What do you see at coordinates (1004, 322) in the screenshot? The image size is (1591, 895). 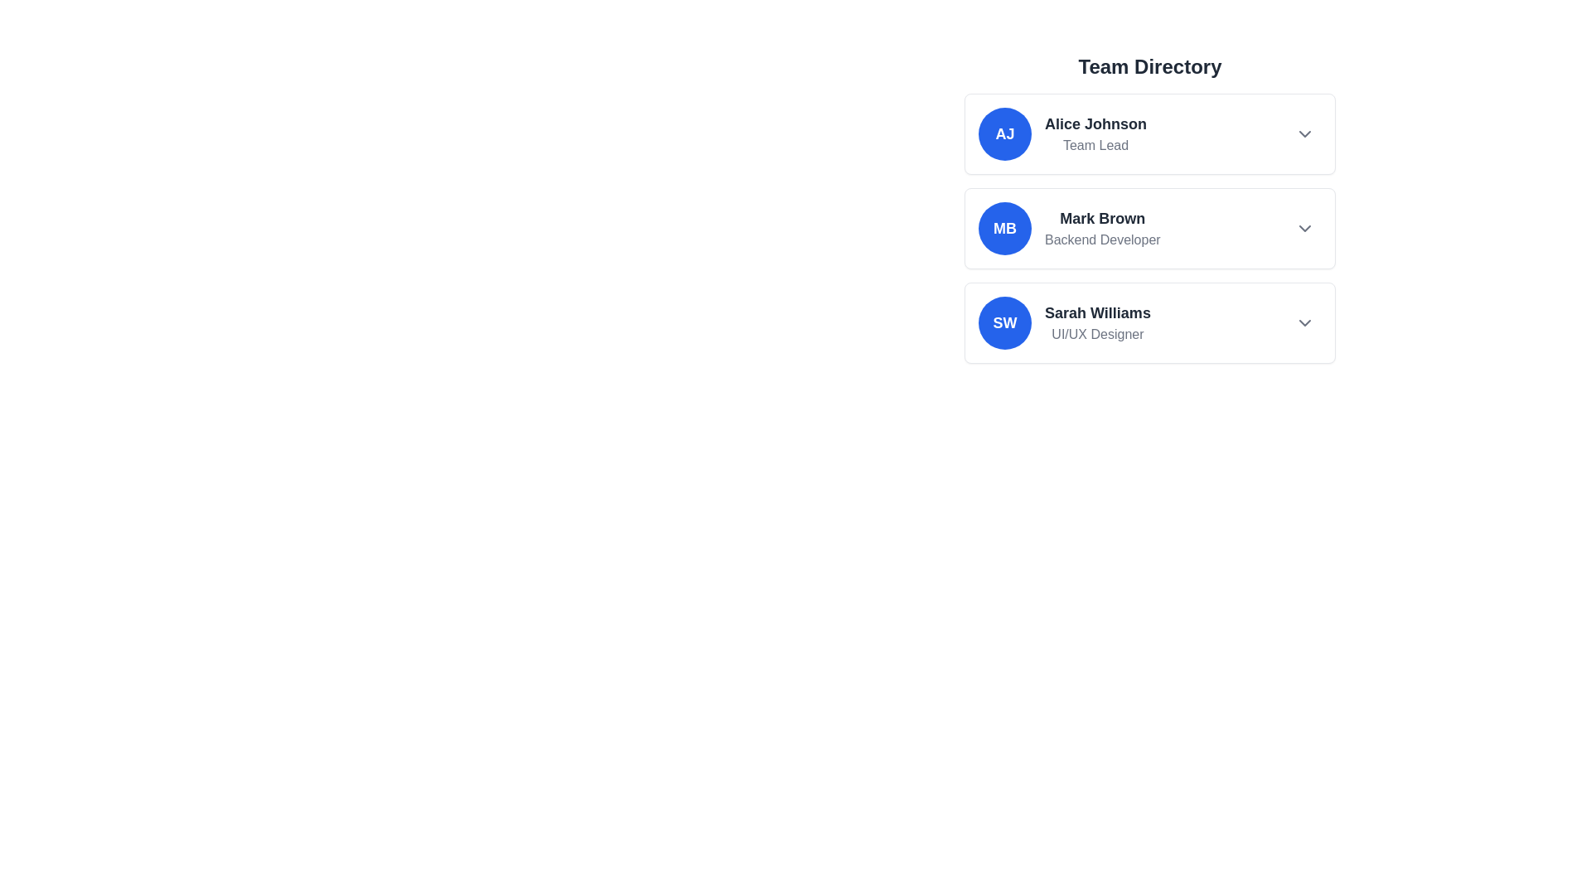 I see `the Avatar Badge displaying 'SW' in white bold text on a blue background, located in the leftmost position of the row labeled 'Sarah Williams, UI/UX Designer'` at bounding box center [1004, 322].